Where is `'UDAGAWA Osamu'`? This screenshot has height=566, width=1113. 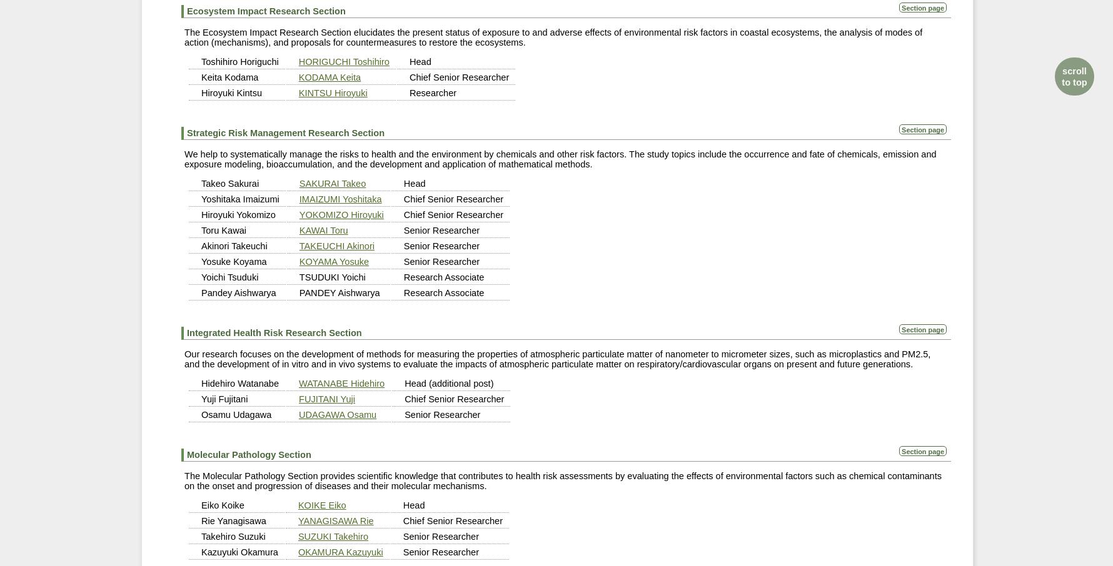
'UDAGAWA Osamu' is located at coordinates (337, 414).